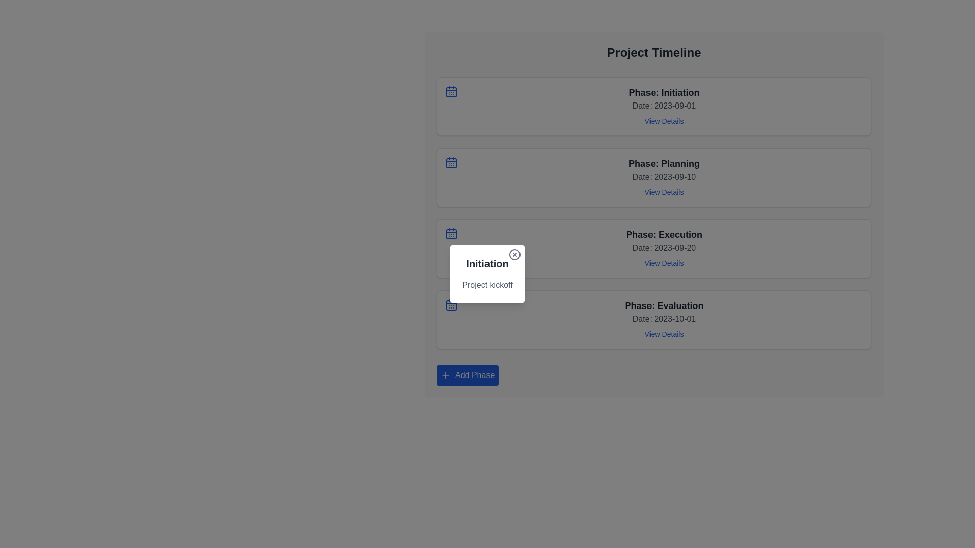 The image size is (975, 548). What do you see at coordinates (514, 254) in the screenshot?
I see `the close button located at the top-right corner of the white card labeled 'Initiation' with the subtitle 'Project kickoff'` at bounding box center [514, 254].